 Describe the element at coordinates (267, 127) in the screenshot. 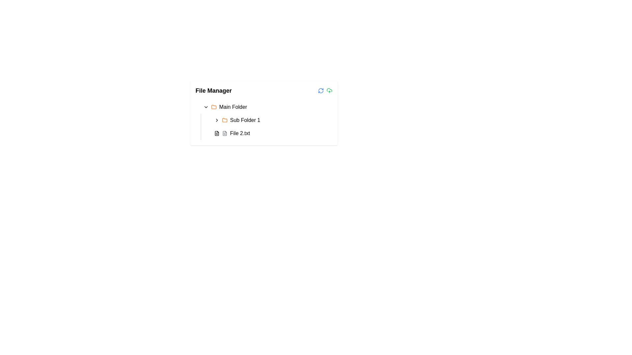

I see `the 'Sub Folder 1' entry` at that location.